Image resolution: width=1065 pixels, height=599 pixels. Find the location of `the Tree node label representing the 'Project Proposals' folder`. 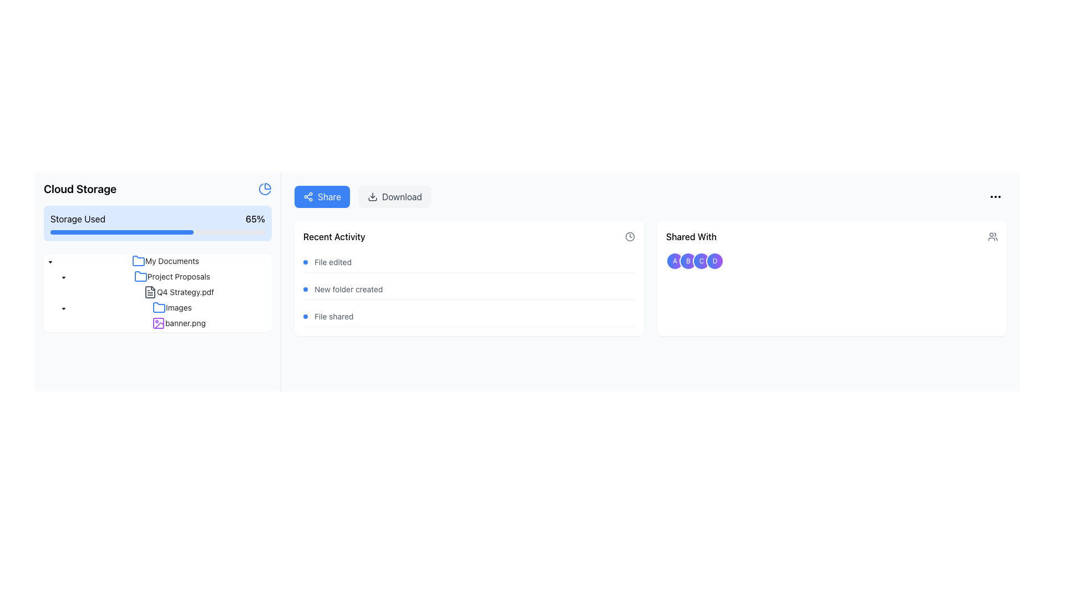

the Tree node label representing the 'Project Proposals' folder is located at coordinates (179, 276).